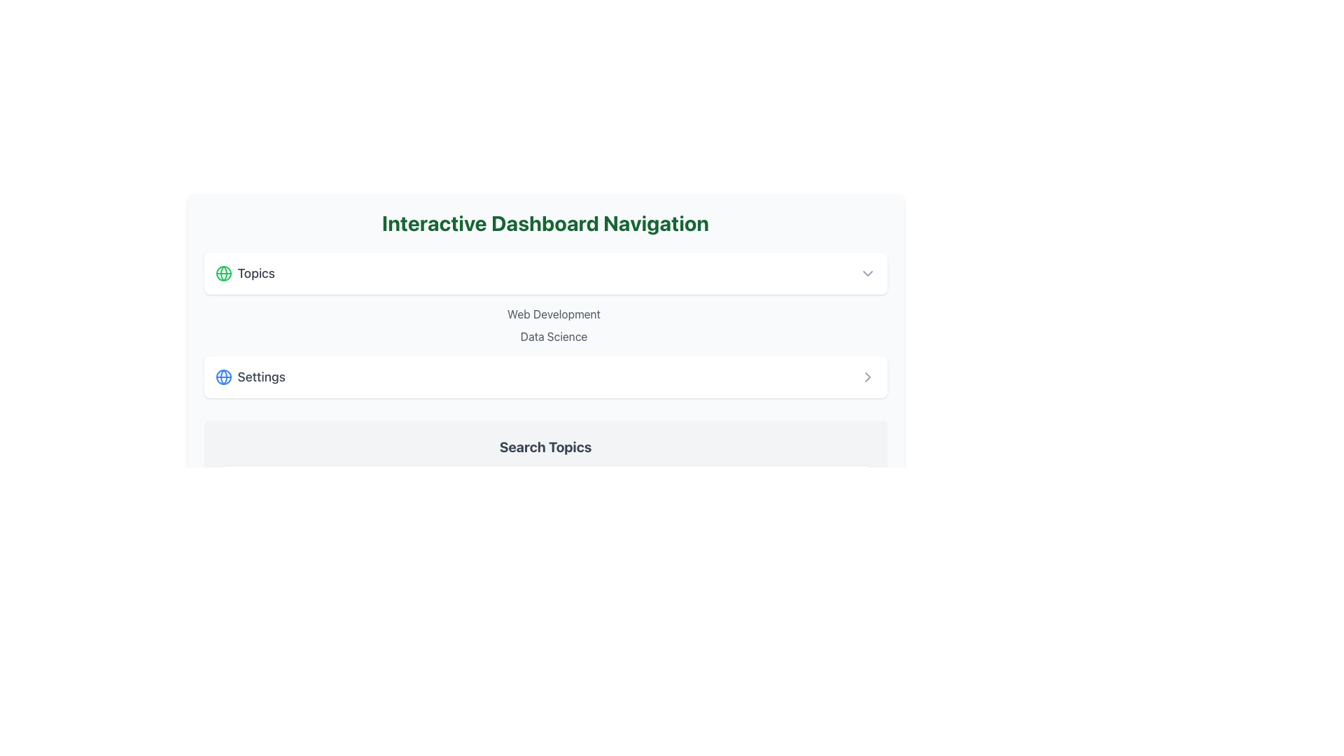 Image resolution: width=1344 pixels, height=756 pixels. I want to click on the 'Data Science' text option in the Text Display Component, which is styled in medium gray font and located below the 'Topics' button, so click(545, 325).